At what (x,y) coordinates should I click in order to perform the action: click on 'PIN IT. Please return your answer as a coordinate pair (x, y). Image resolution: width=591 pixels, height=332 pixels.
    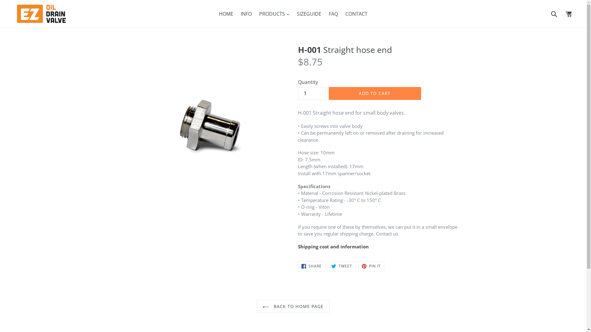
    Looking at the image, I should click on (358, 266).